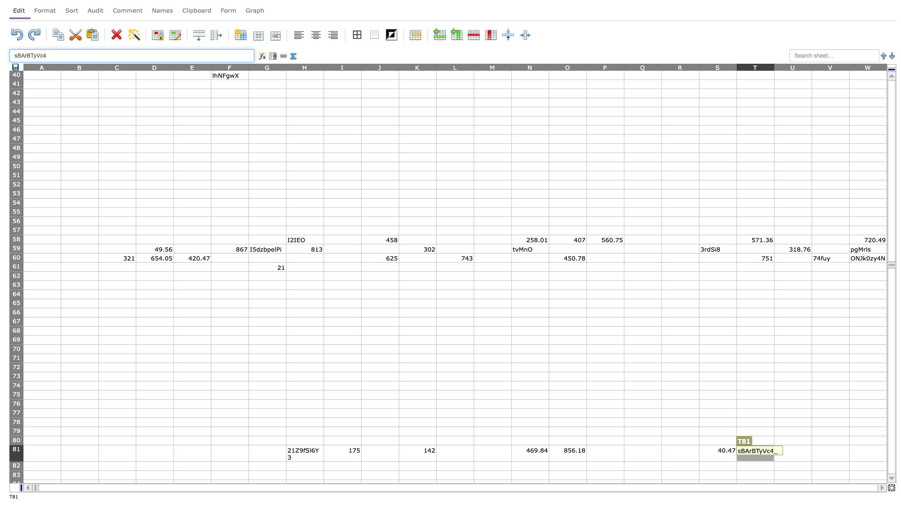 The height and width of the screenshot is (506, 901). Describe the element at coordinates (886, 453) in the screenshot. I see `right edge of W81` at that location.